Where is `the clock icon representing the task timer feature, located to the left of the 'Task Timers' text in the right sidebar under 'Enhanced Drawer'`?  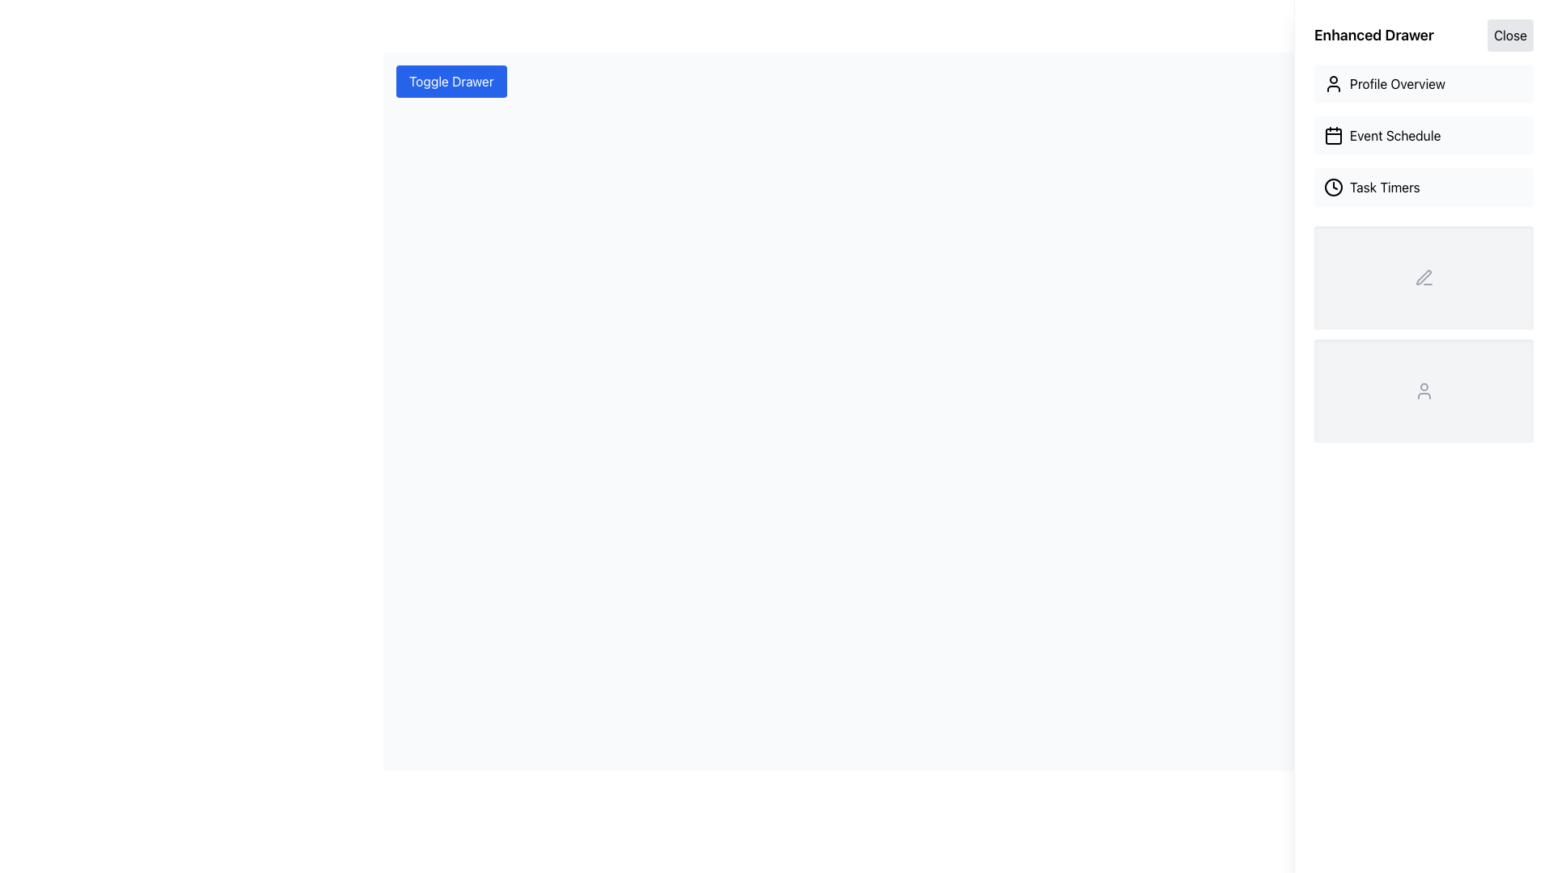
the clock icon representing the task timer feature, located to the left of the 'Task Timers' text in the right sidebar under 'Enhanced Drawer' is located at coordinates (1334, 186).